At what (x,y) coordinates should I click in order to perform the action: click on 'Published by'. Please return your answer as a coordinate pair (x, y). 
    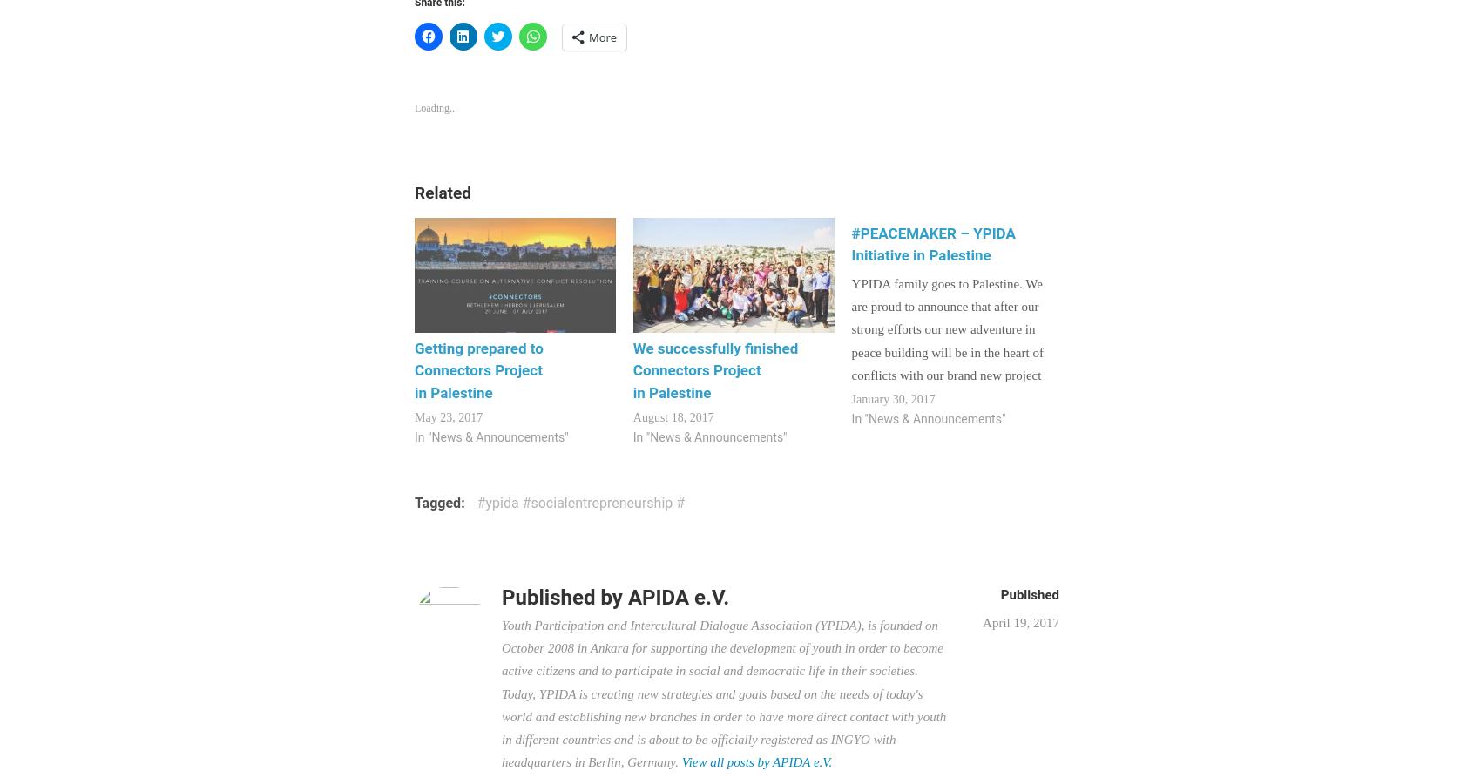
    Looking at the image, I should click on (565, 597).